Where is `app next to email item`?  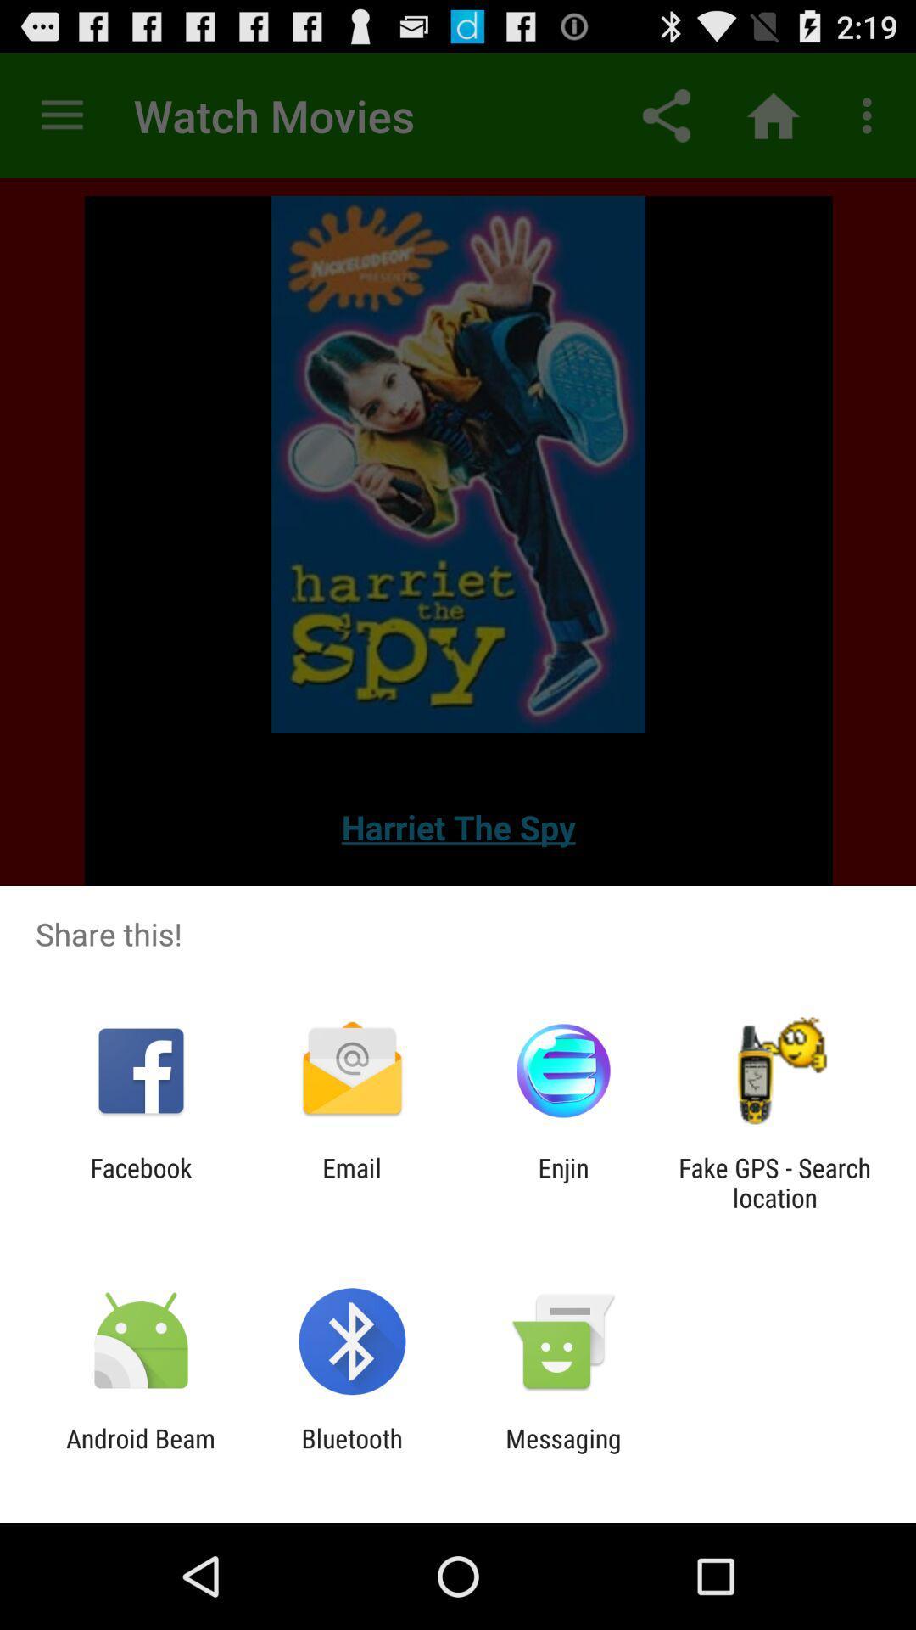 app next to email item is located at coordinates (140, 1182).